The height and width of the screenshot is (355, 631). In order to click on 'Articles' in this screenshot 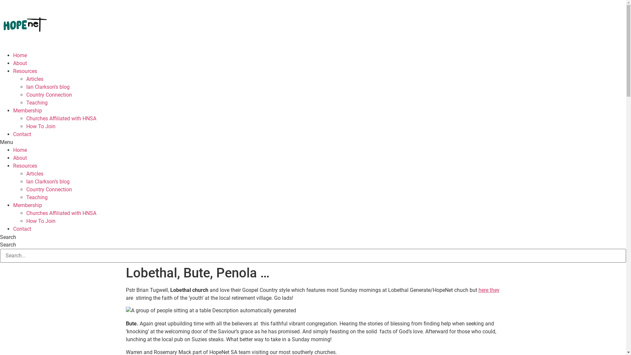, I will do `click(34, 173)`.